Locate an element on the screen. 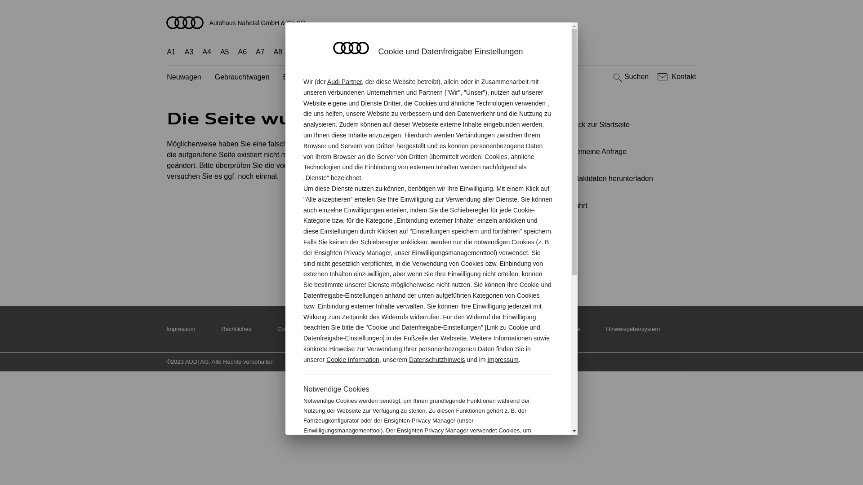  'Datenschutzhinweis' is located at coordinates (437, 359).